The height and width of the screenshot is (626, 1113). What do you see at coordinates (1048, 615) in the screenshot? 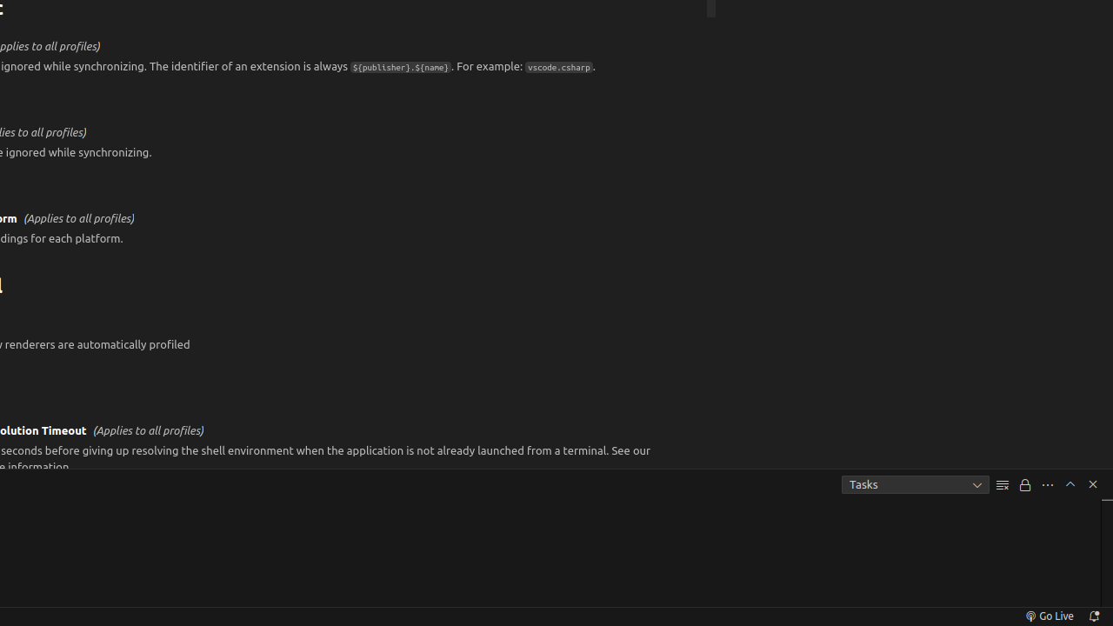
I see `'broadcast Go Live, Click to run live server'` at bounding box center [1048, 615].